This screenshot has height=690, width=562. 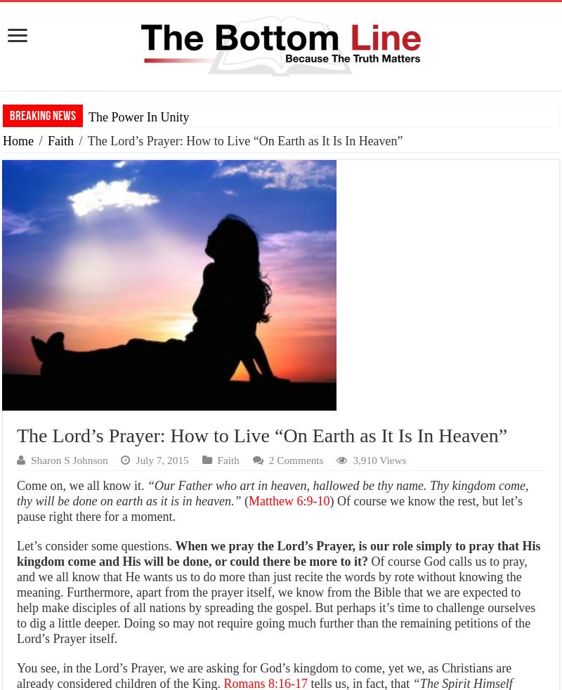 I want to click on 'July 7, 2015', so click(x=162, y=460).